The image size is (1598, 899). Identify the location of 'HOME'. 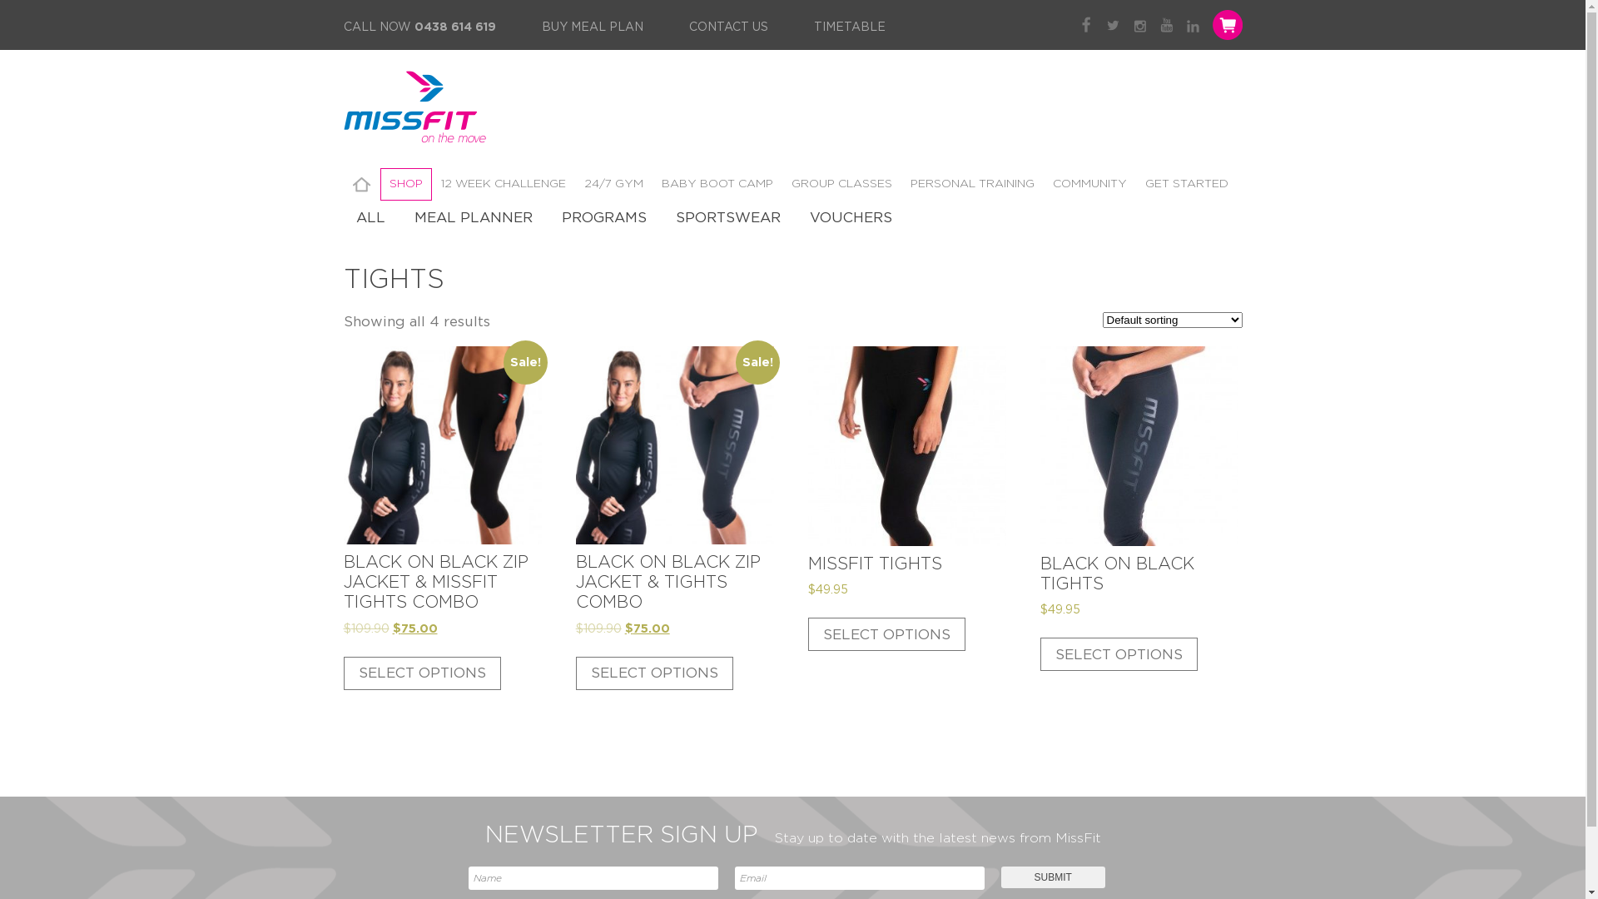
(360, 184).